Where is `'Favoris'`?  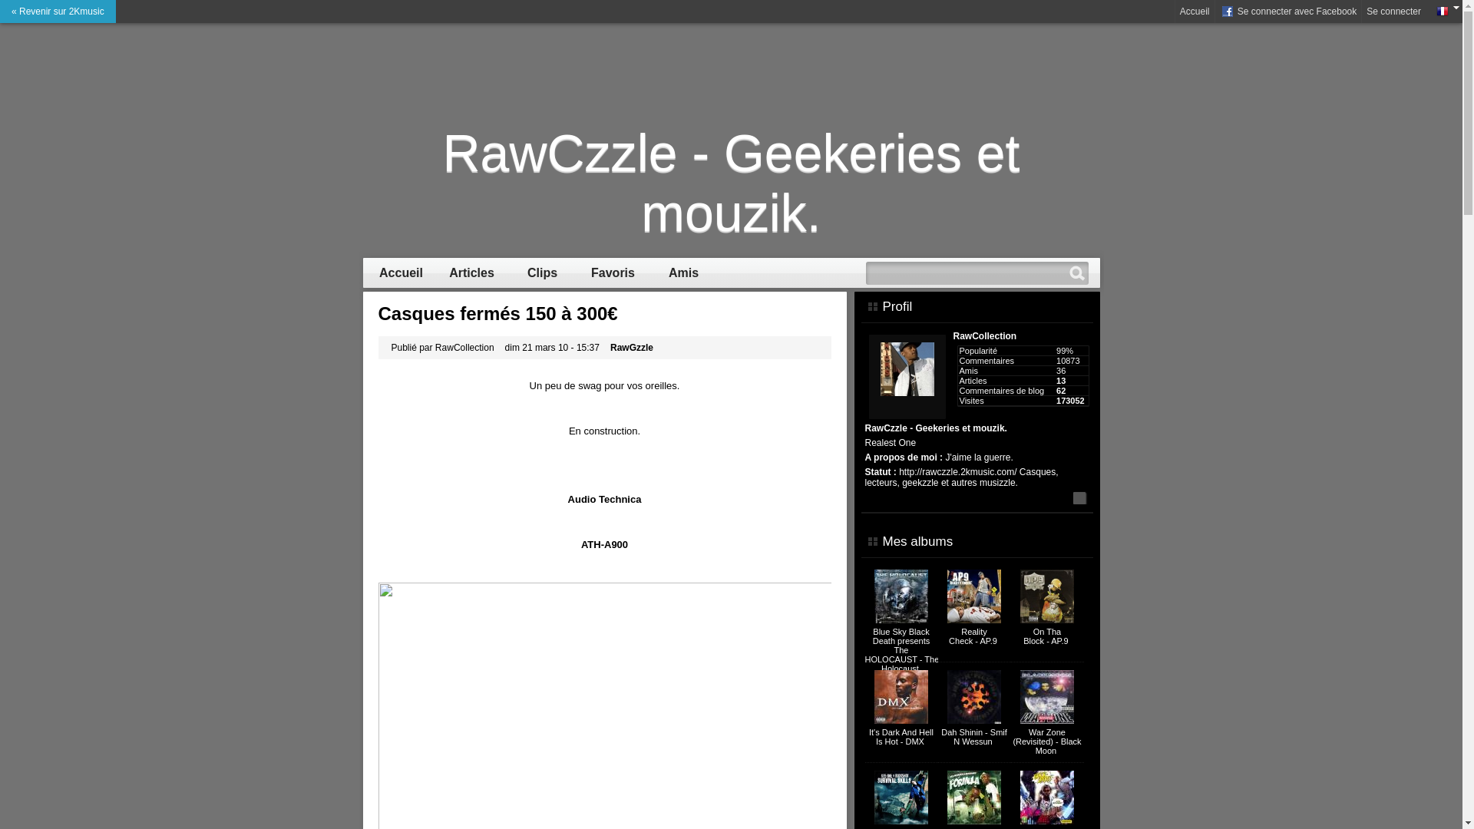
'Favoris' is located at coordinates (612, 272).